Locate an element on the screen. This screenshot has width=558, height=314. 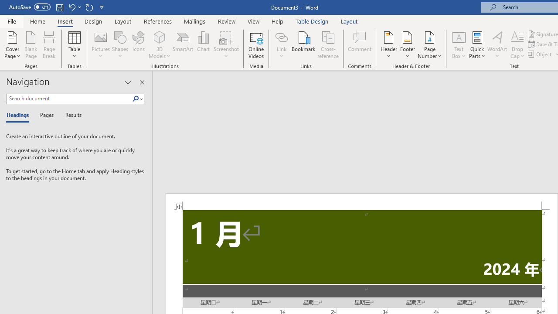
'Cross-reference...' is located at coordinates (327, 45).